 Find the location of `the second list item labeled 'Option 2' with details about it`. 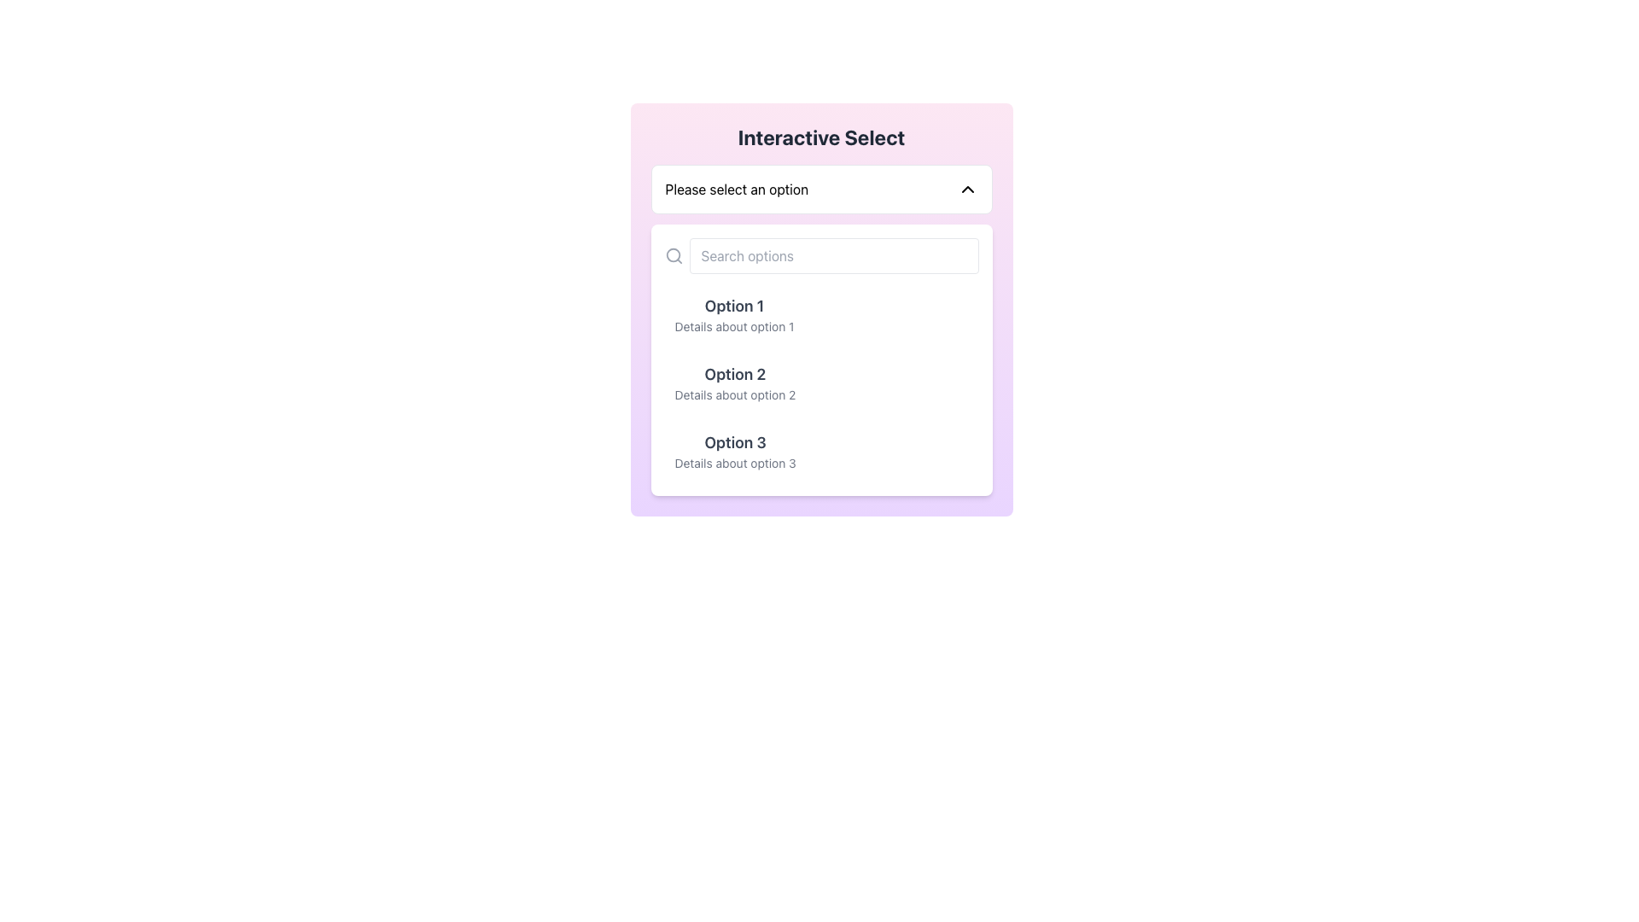

the second list item labeled 'Option 2' with details about it is located at coordinates (821, 382).